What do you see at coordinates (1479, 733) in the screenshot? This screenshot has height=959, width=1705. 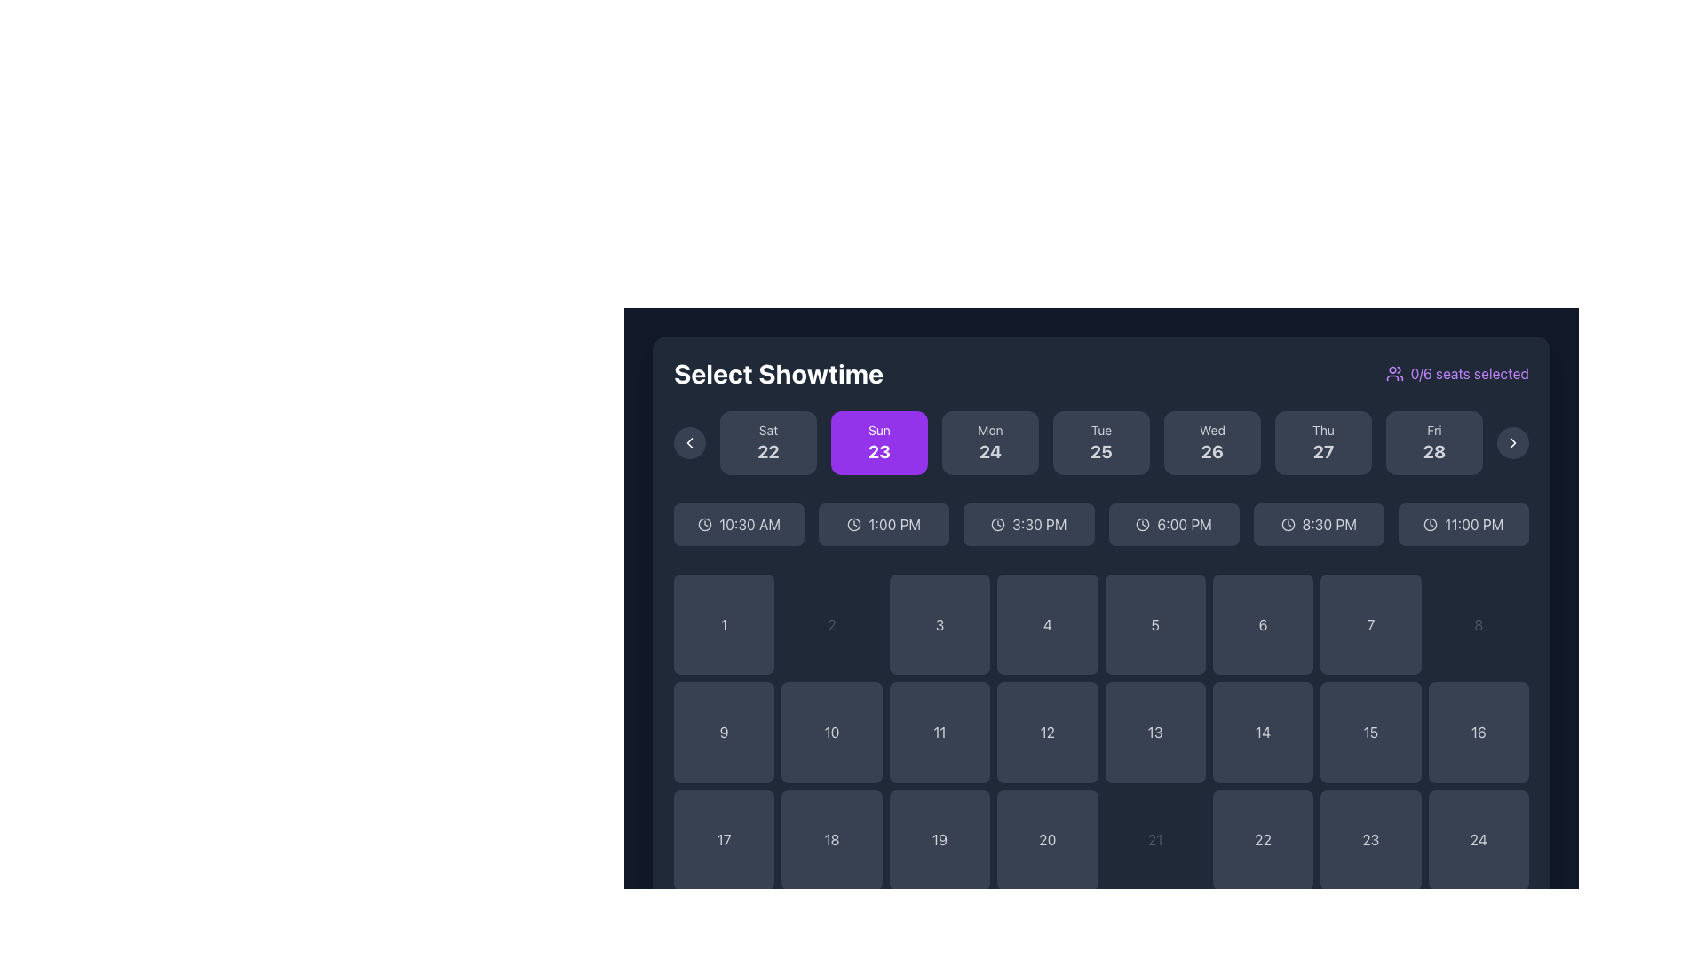 I see `the square button featuring the number '16' centered within it` at bounding box center [1479, 733].